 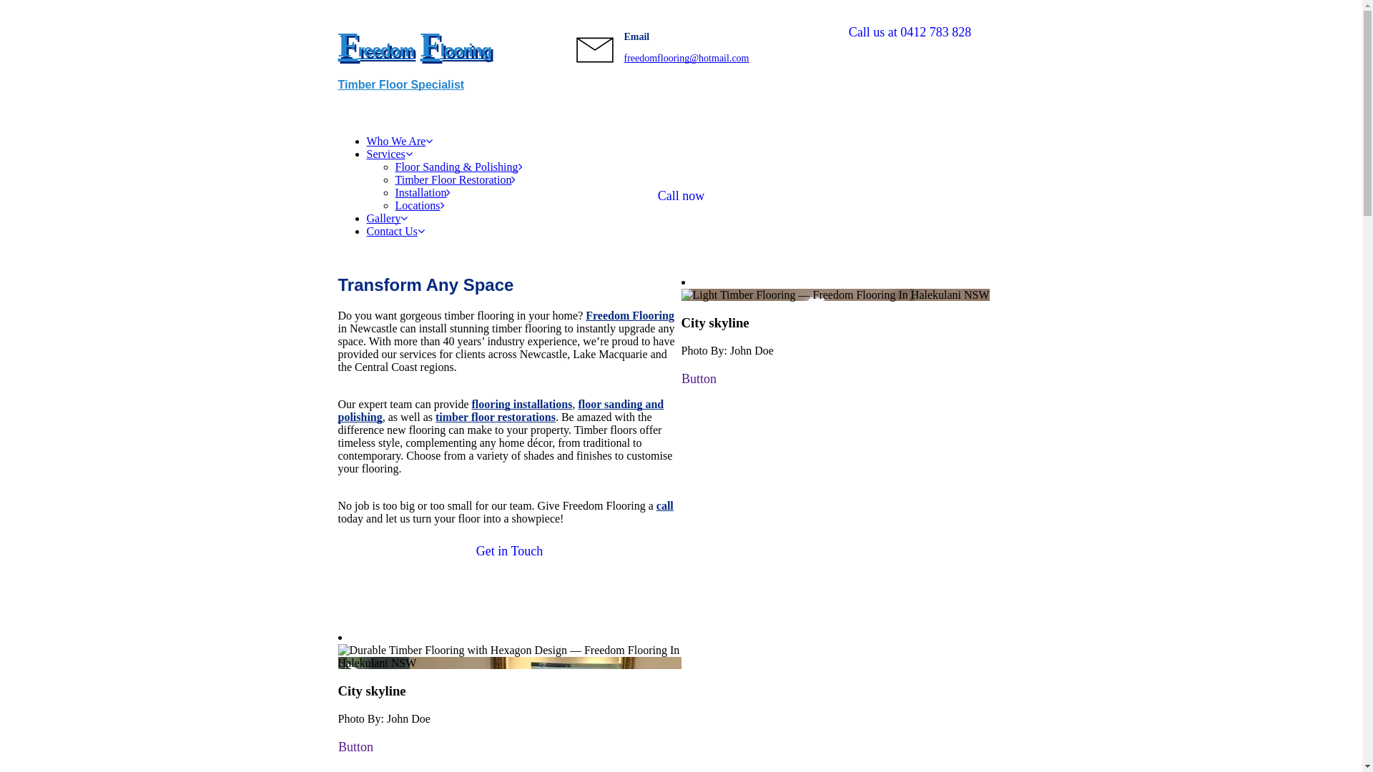 I want to click on 'Services', so click(x=388, y=154).